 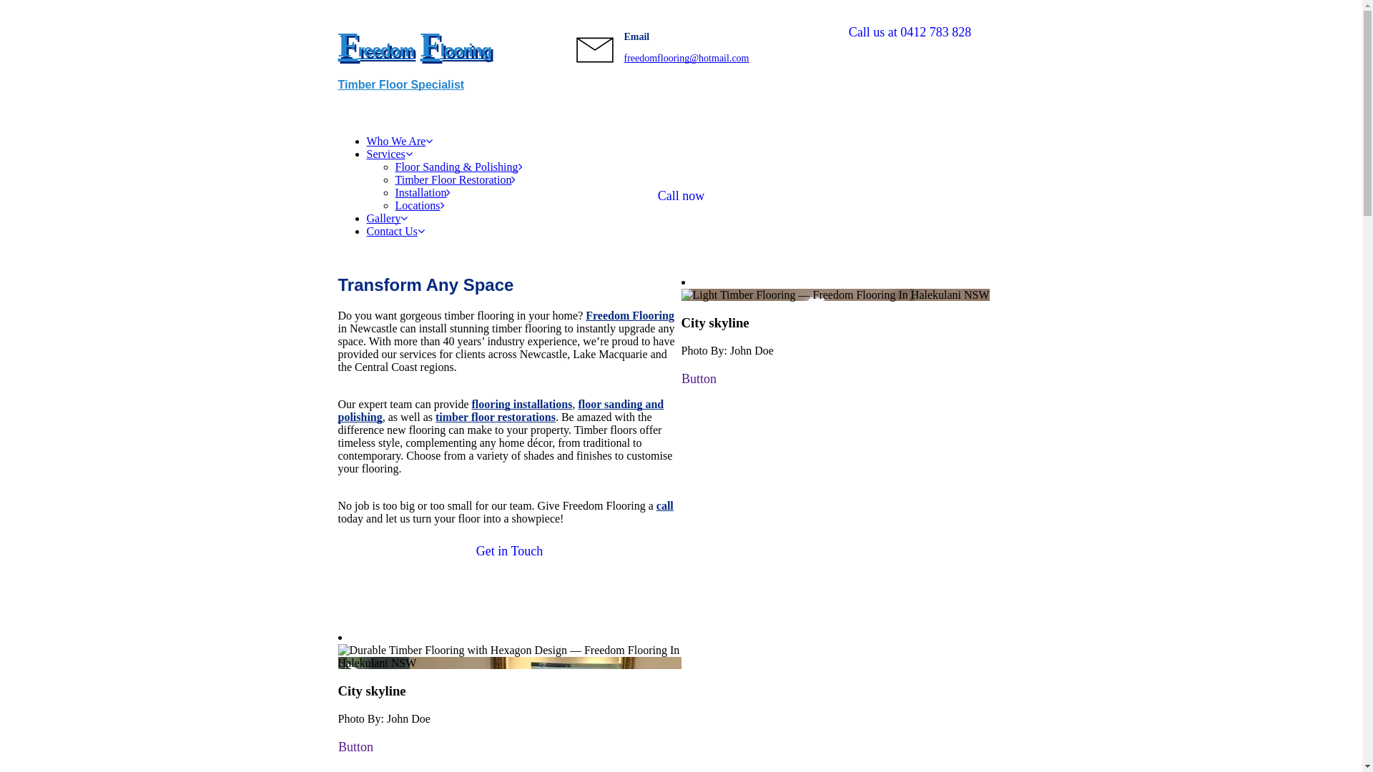 I want to click on 'Services', so click(x=388, y=154).